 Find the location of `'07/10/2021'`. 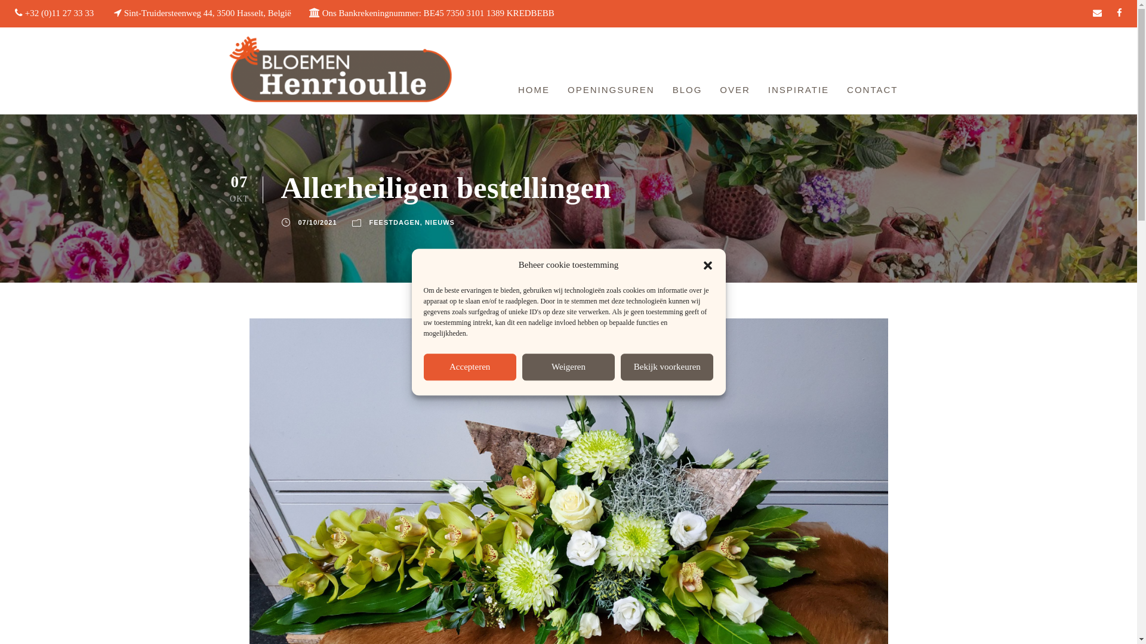

'07/10/2021' is located at coordinates (318, 222).